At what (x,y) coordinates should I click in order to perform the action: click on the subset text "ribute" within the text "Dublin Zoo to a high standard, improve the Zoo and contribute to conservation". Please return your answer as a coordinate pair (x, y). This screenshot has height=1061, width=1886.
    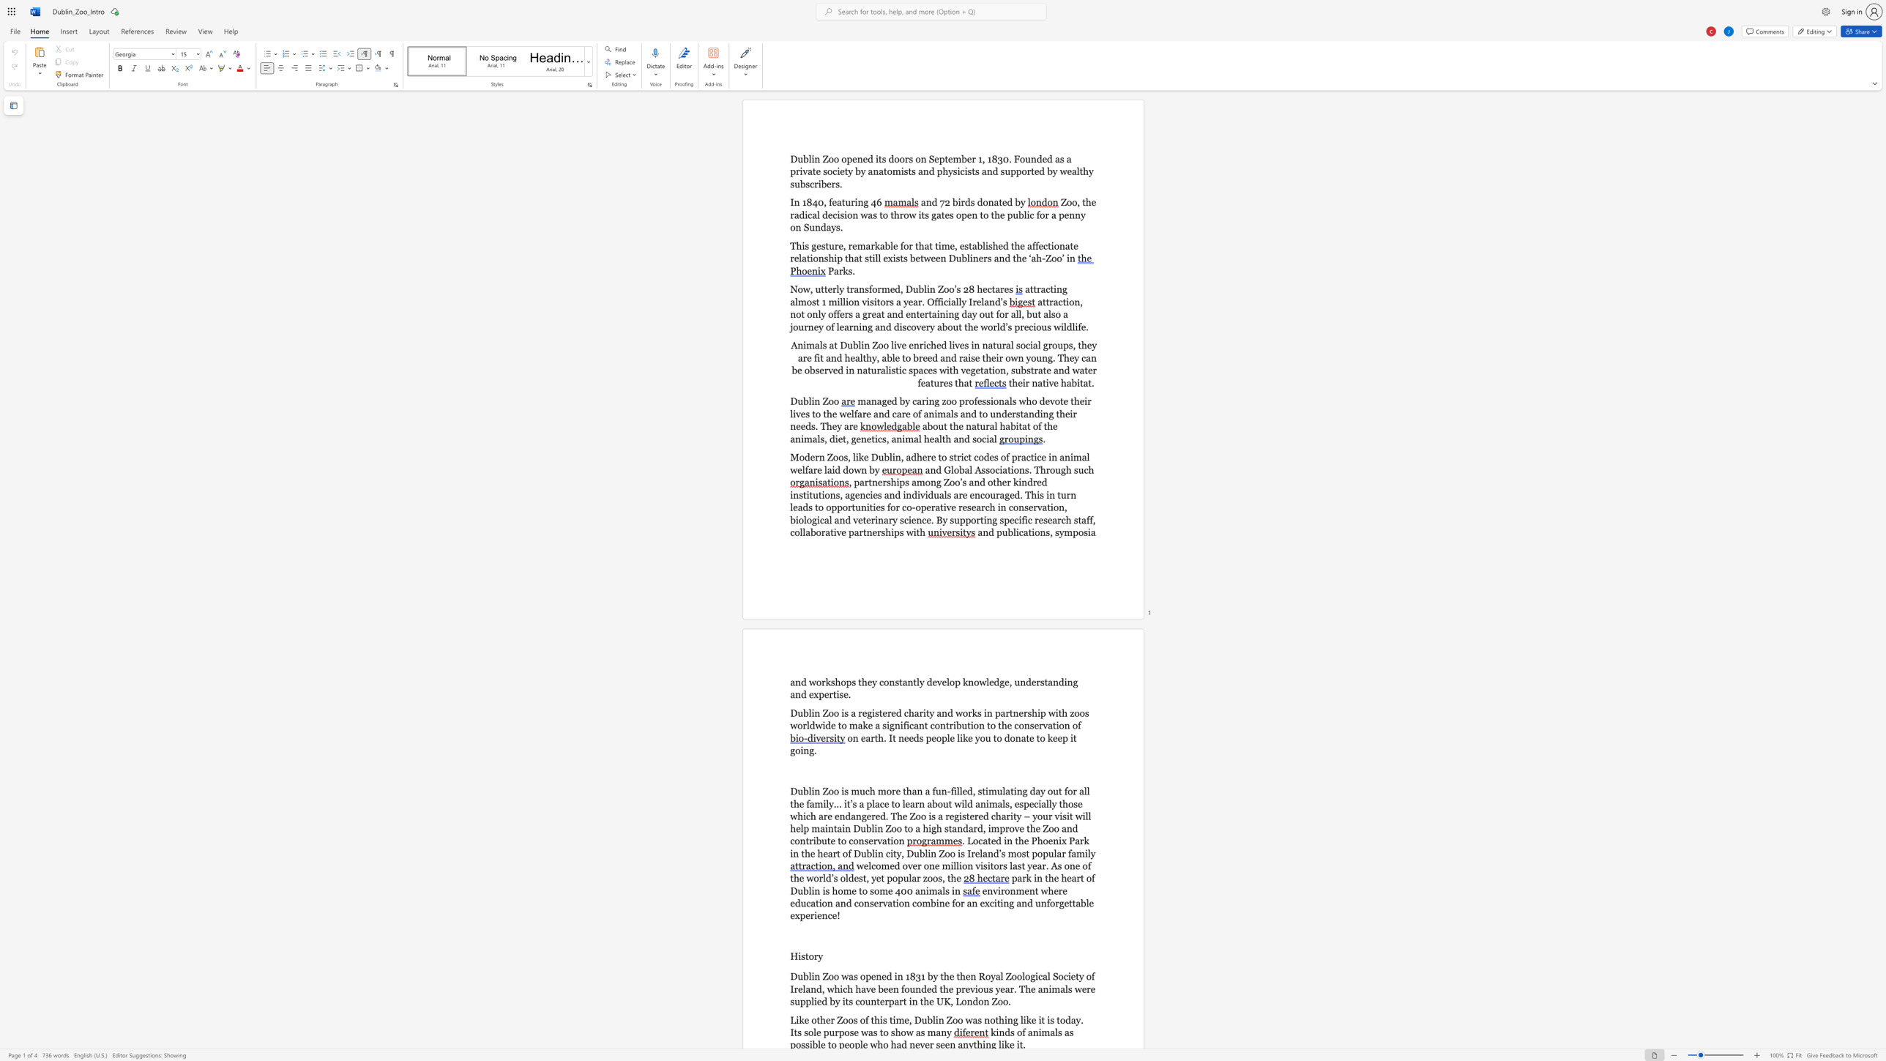
    Looking at the image, I should click on (808, 841).